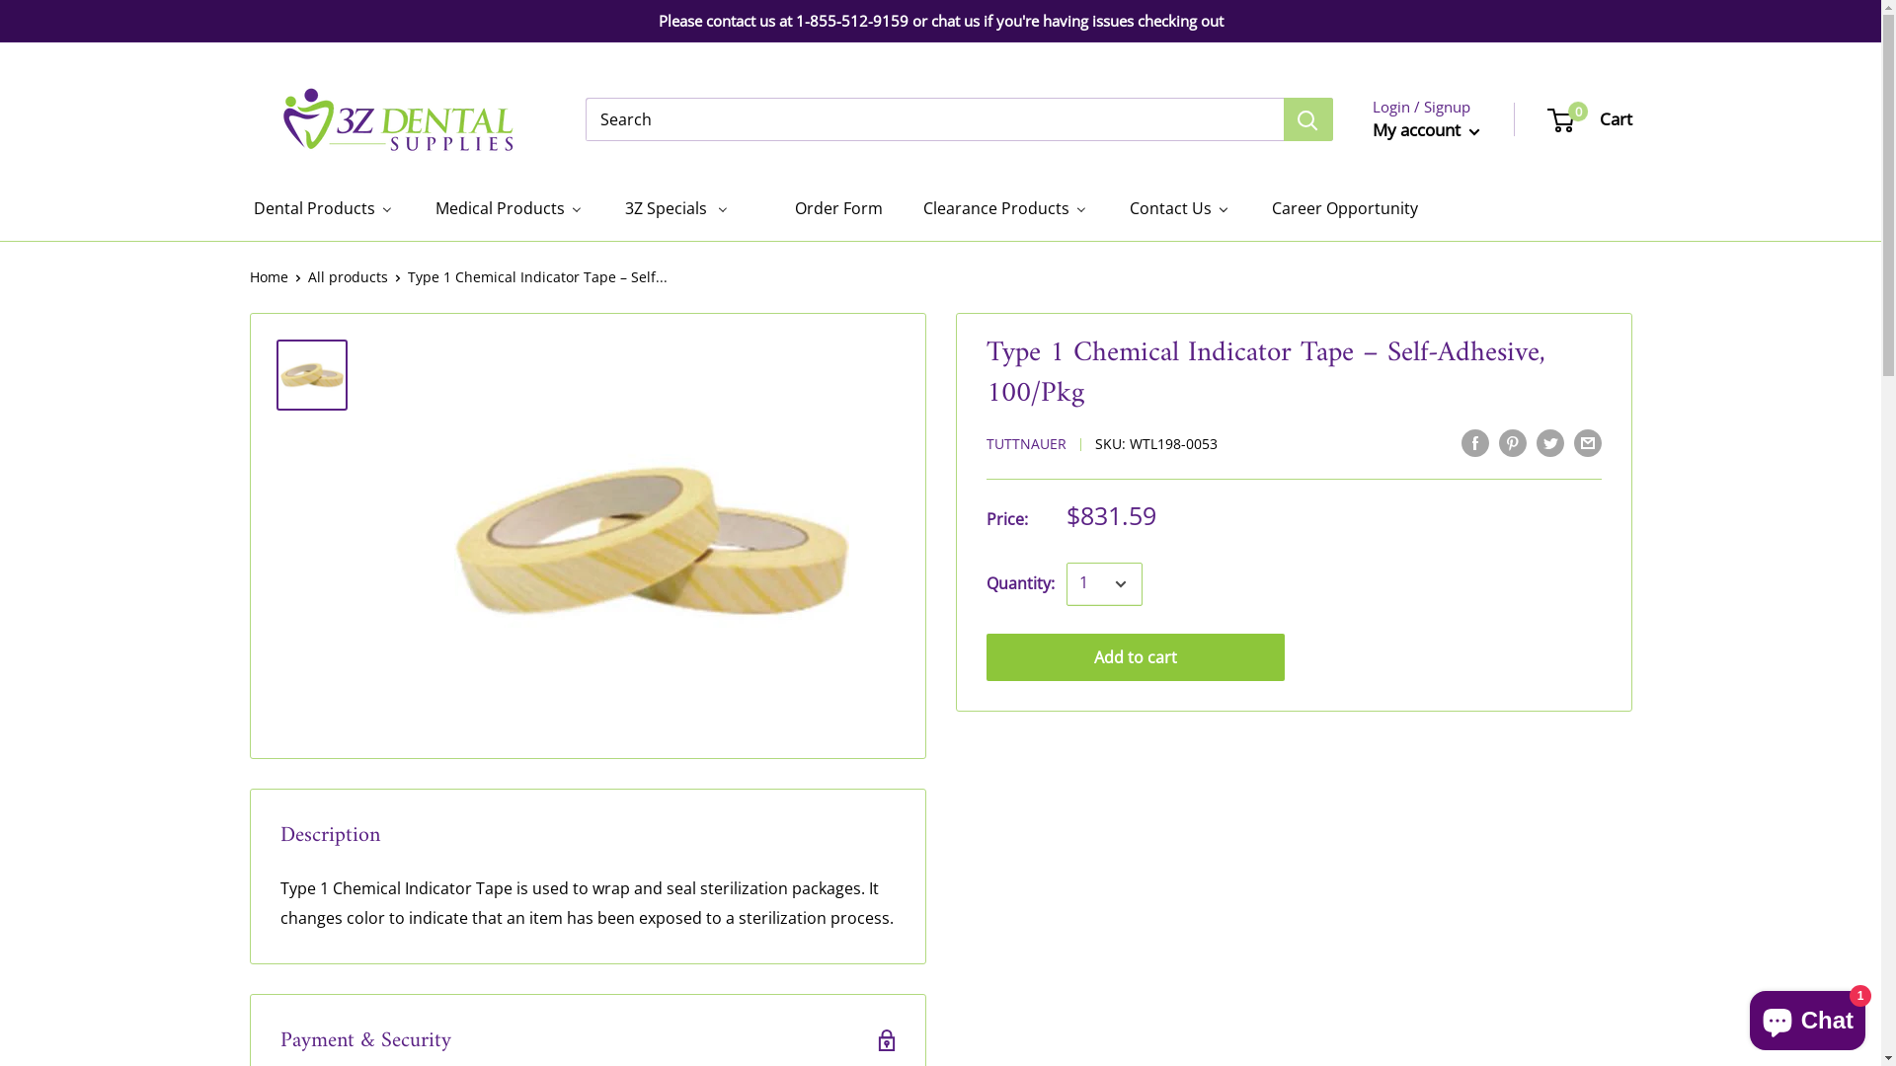  I want to click on 'Contact Us', so click(1179, 208).